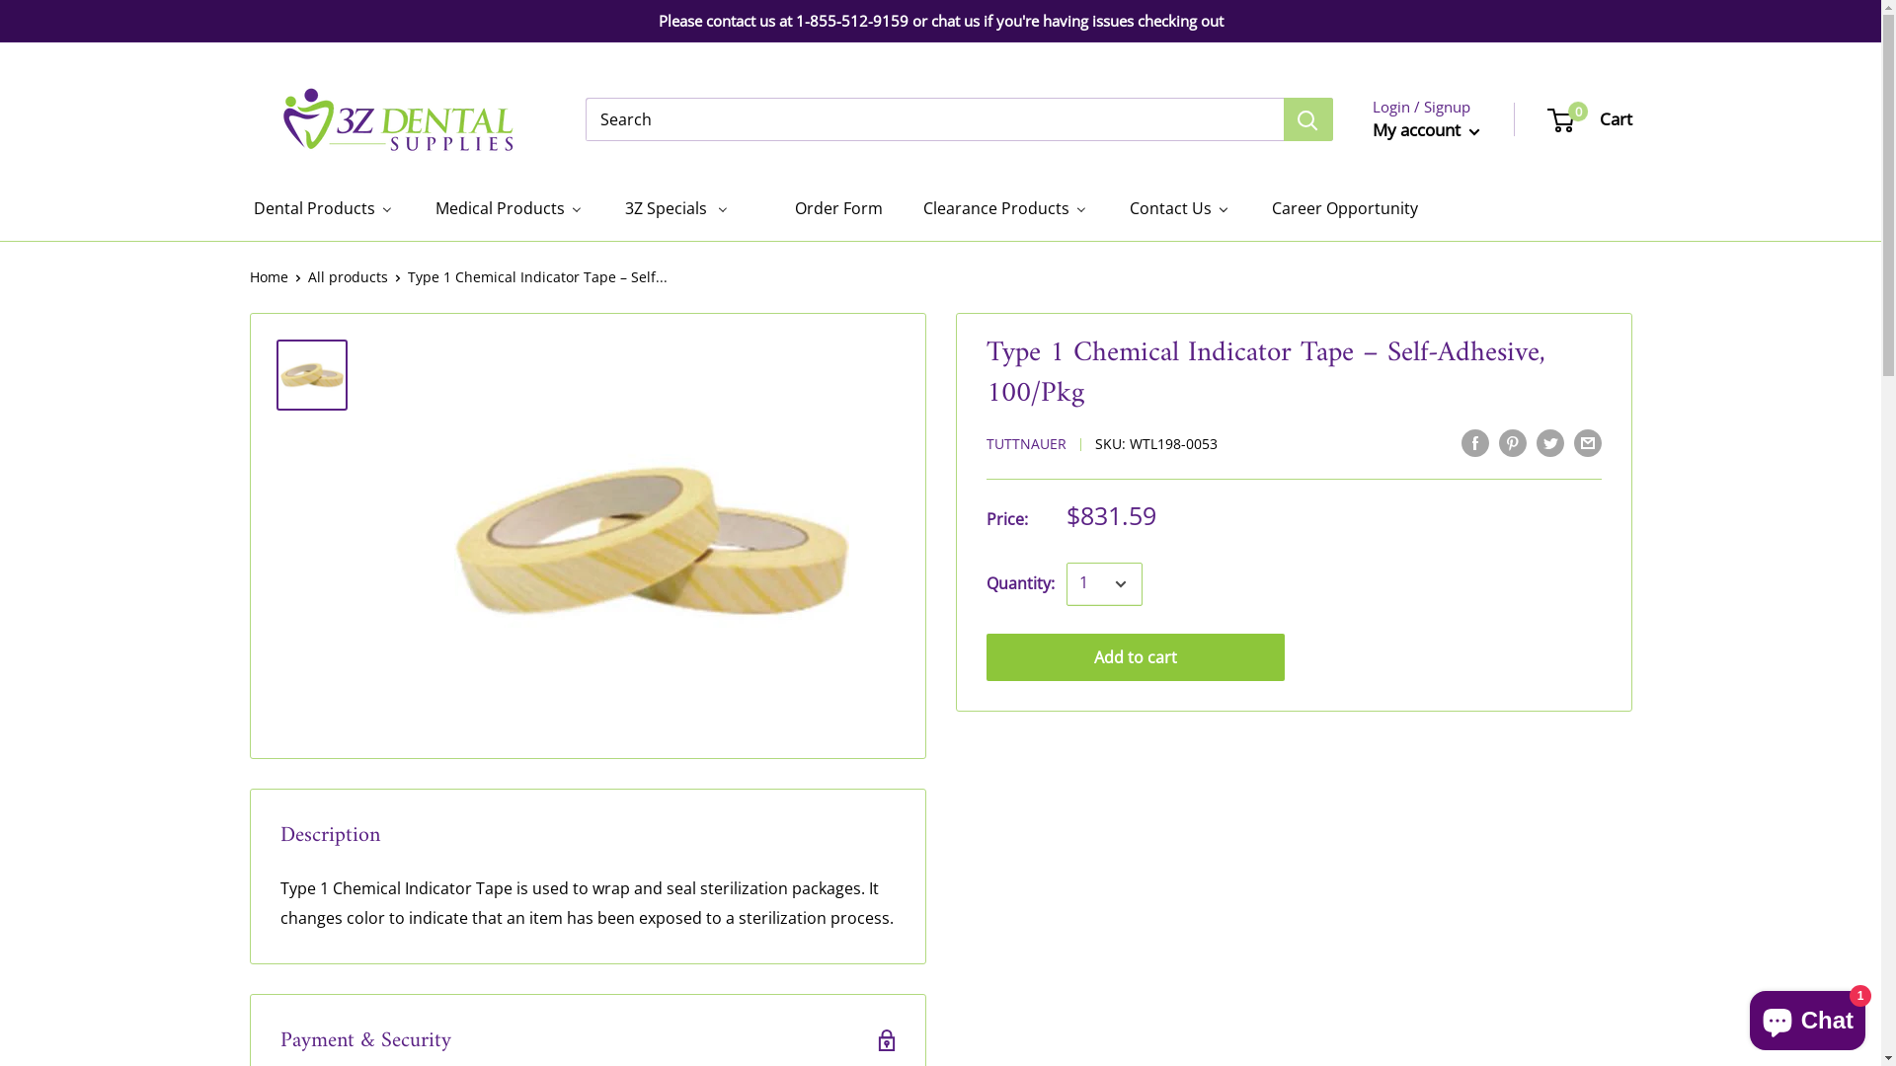  I want to click on 'Contact Us', so click(1179, 208).